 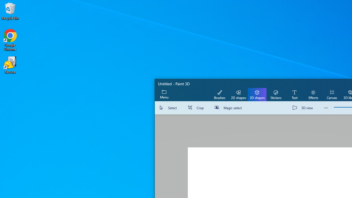 What do you see at coordinates (238, 94) in the screenshot?
I see `'2D shapes'` at bounding box center [238, 94].